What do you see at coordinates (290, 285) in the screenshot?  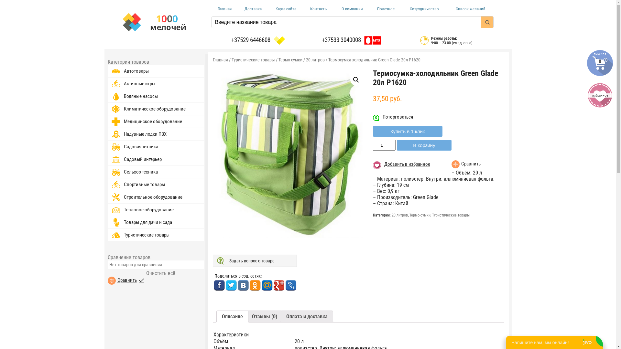 I see `'Livejournal'` at bounding box center [290, 285].